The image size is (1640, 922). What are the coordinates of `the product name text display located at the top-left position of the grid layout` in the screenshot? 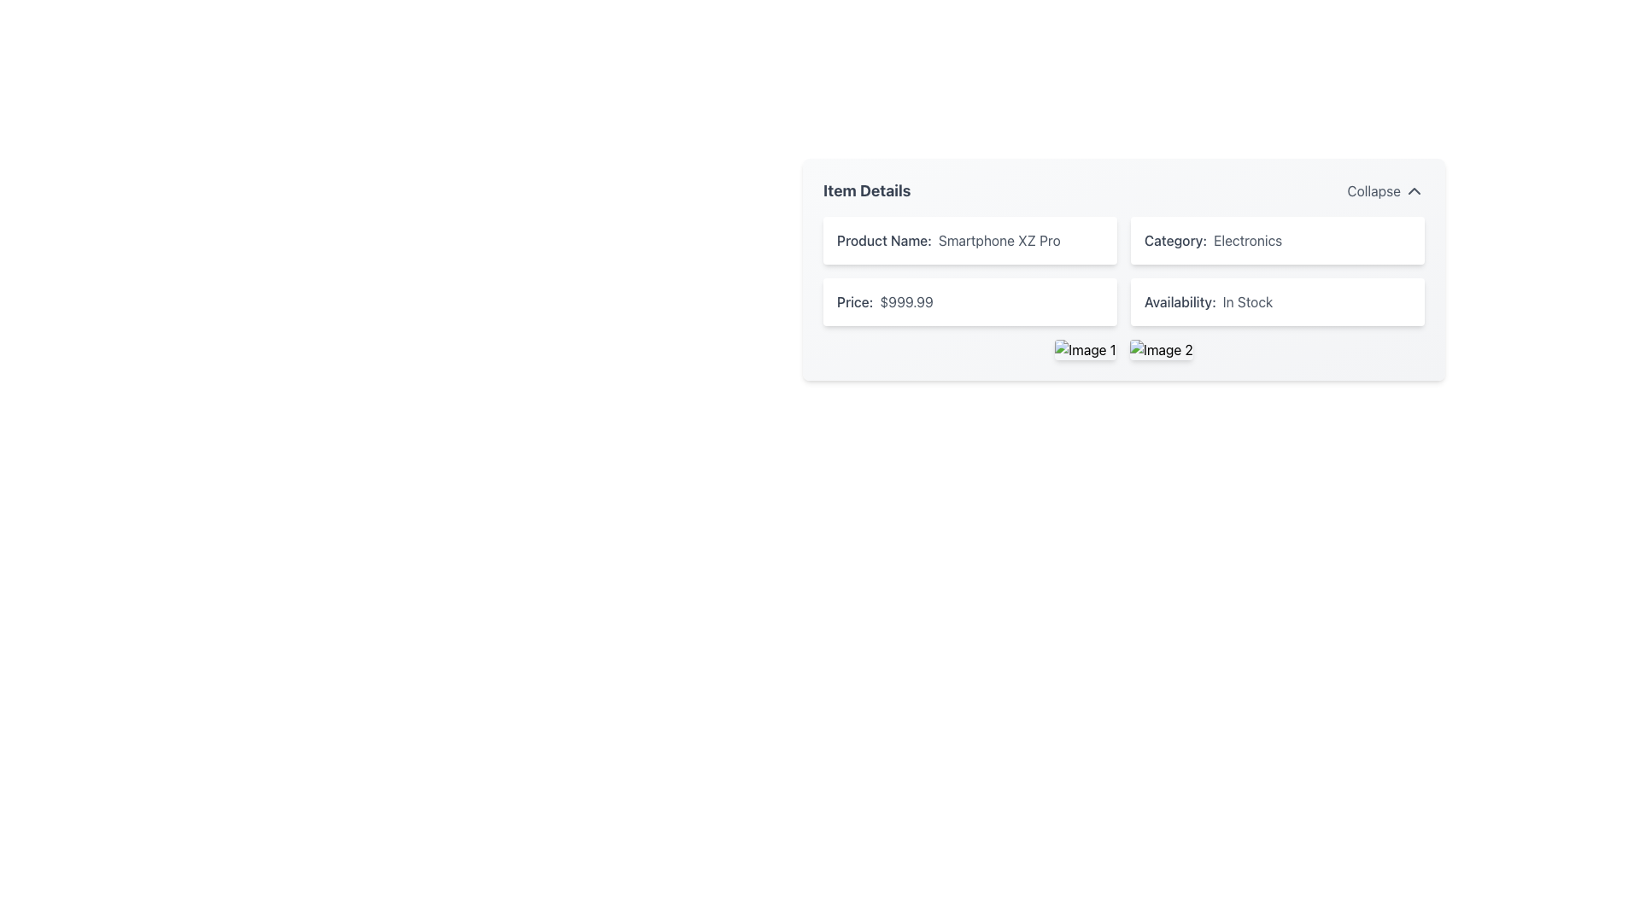 It's located at (970, 240).